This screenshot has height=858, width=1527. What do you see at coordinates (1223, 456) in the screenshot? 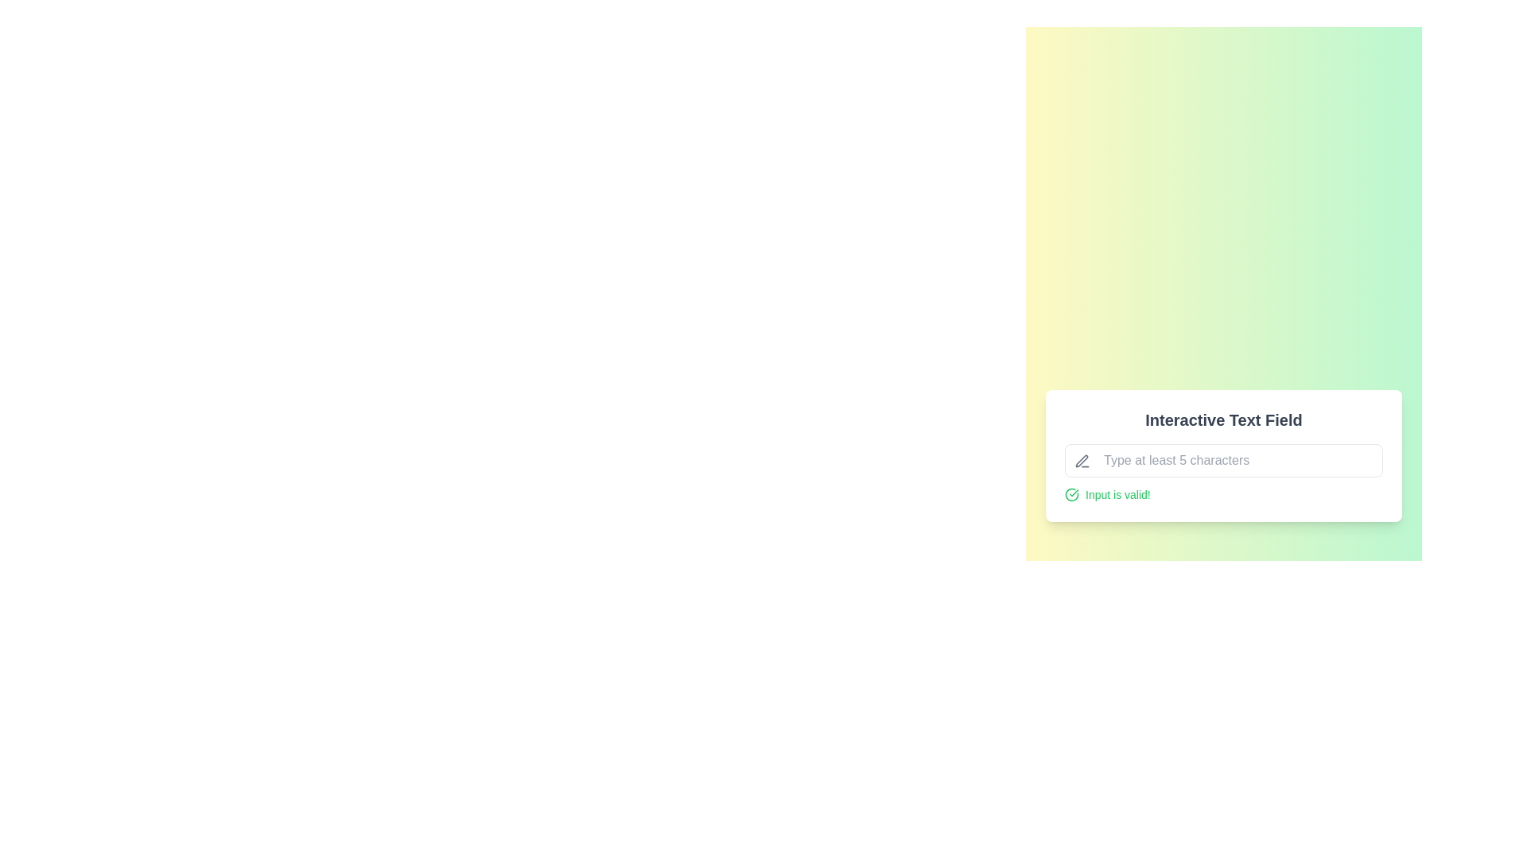
I see `the Interactive Text Field` at bounding box center [1223, 456].